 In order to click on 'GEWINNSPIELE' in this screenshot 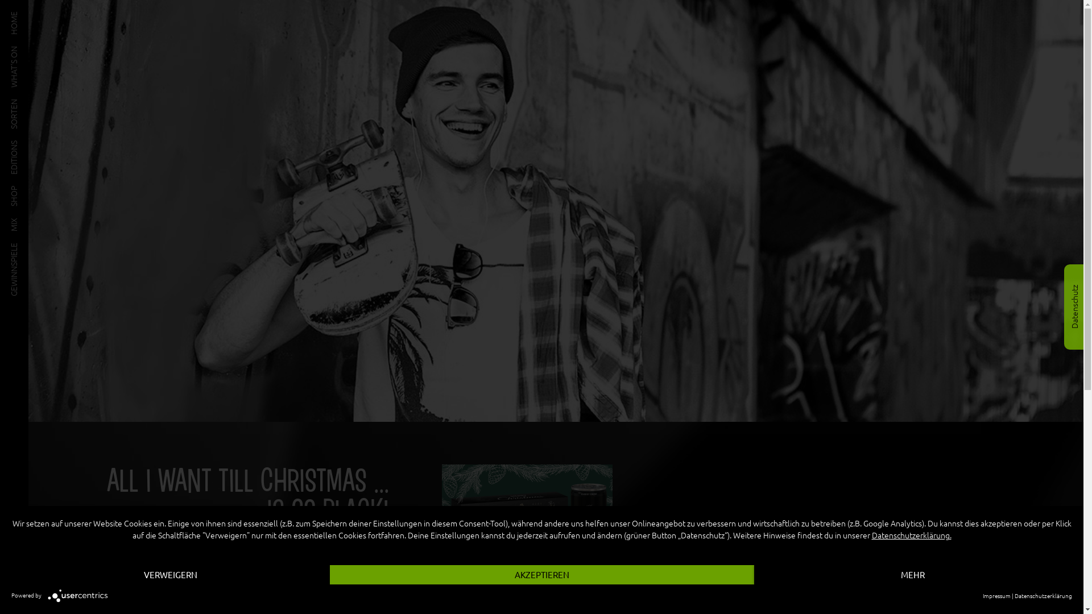, I will do `click(10, 246)`.